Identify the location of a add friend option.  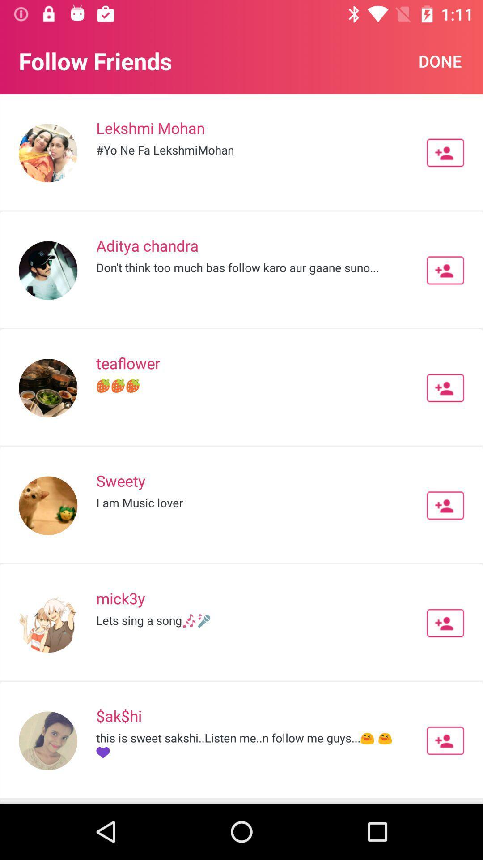
(445, 270).